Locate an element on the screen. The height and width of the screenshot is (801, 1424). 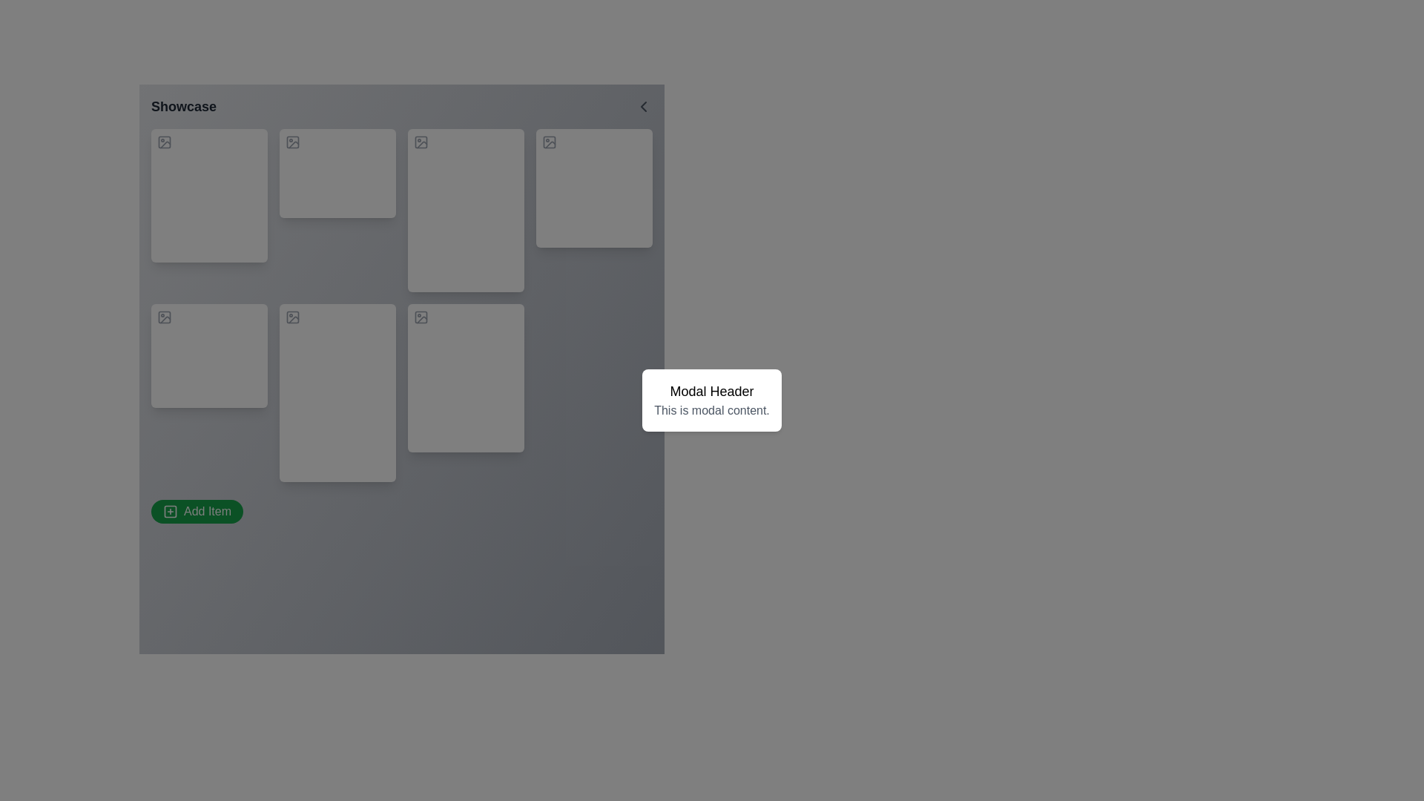
text of the header element located at the top of the modal dialog box, which indicates the title or purpose of the modal is located at coordinates (712, 391).